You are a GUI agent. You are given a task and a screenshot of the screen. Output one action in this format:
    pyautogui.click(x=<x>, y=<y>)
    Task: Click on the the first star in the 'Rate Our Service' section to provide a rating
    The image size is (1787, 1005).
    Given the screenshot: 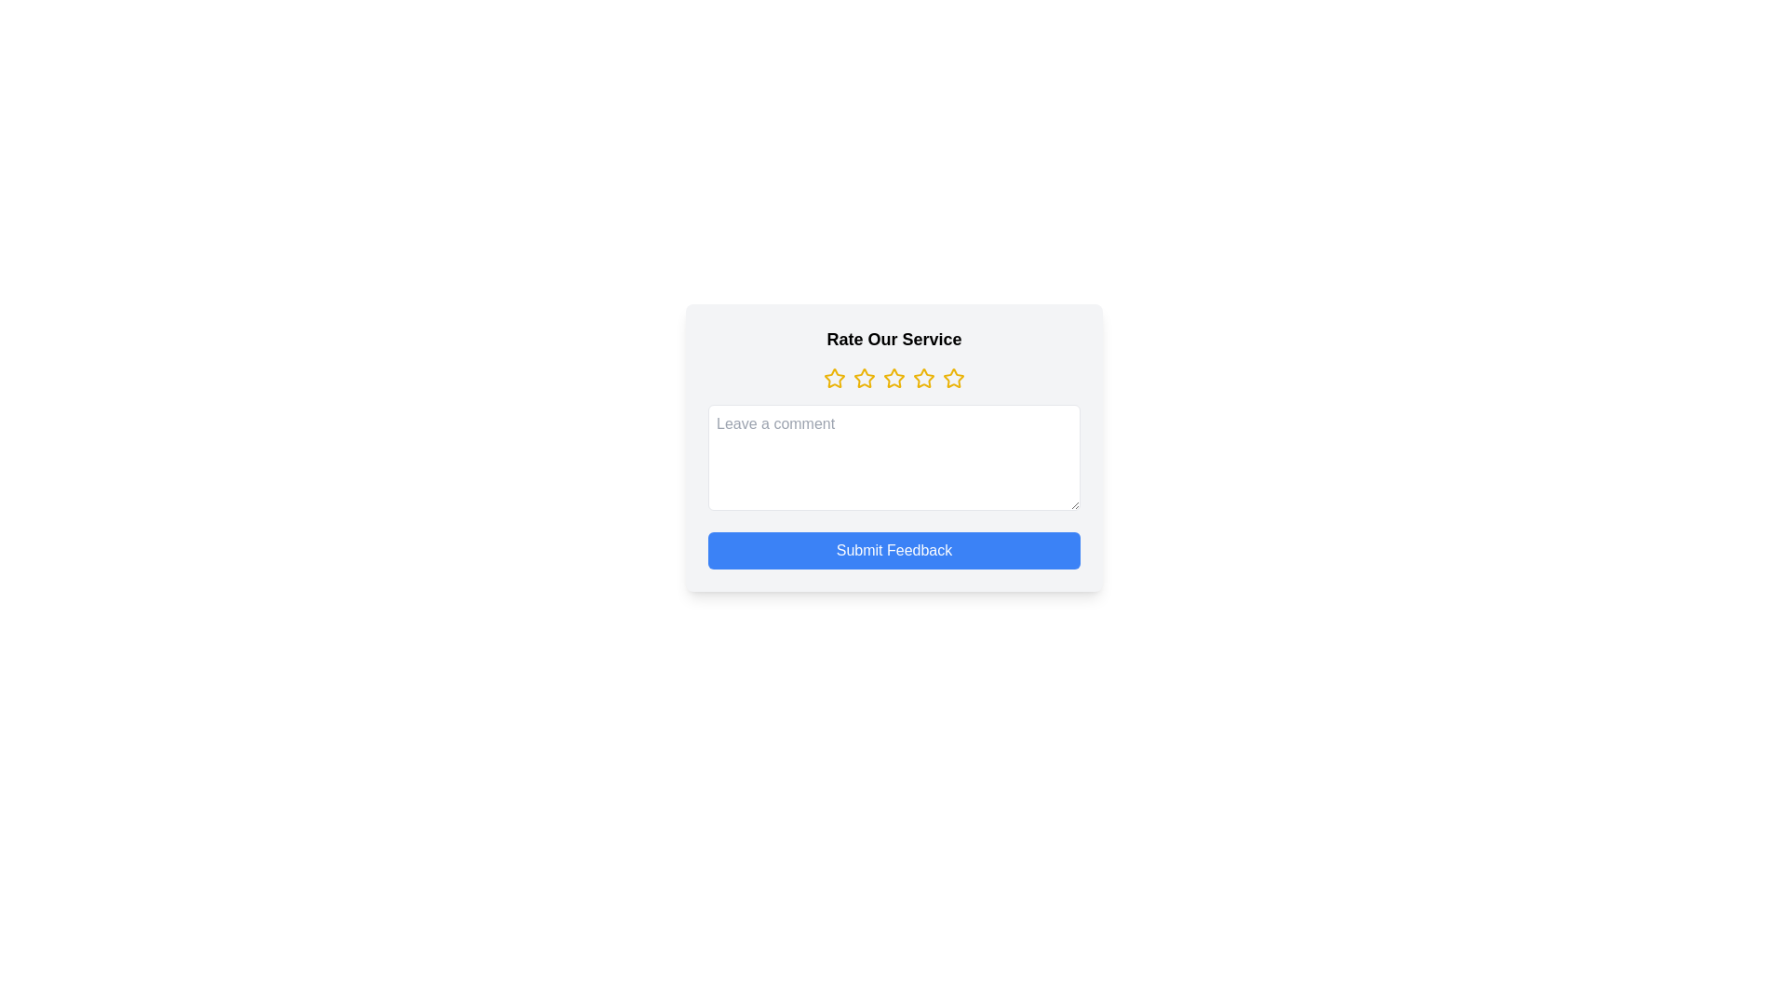 What is the action you would take?
    pyautogui.click(x=834, y=378)
    